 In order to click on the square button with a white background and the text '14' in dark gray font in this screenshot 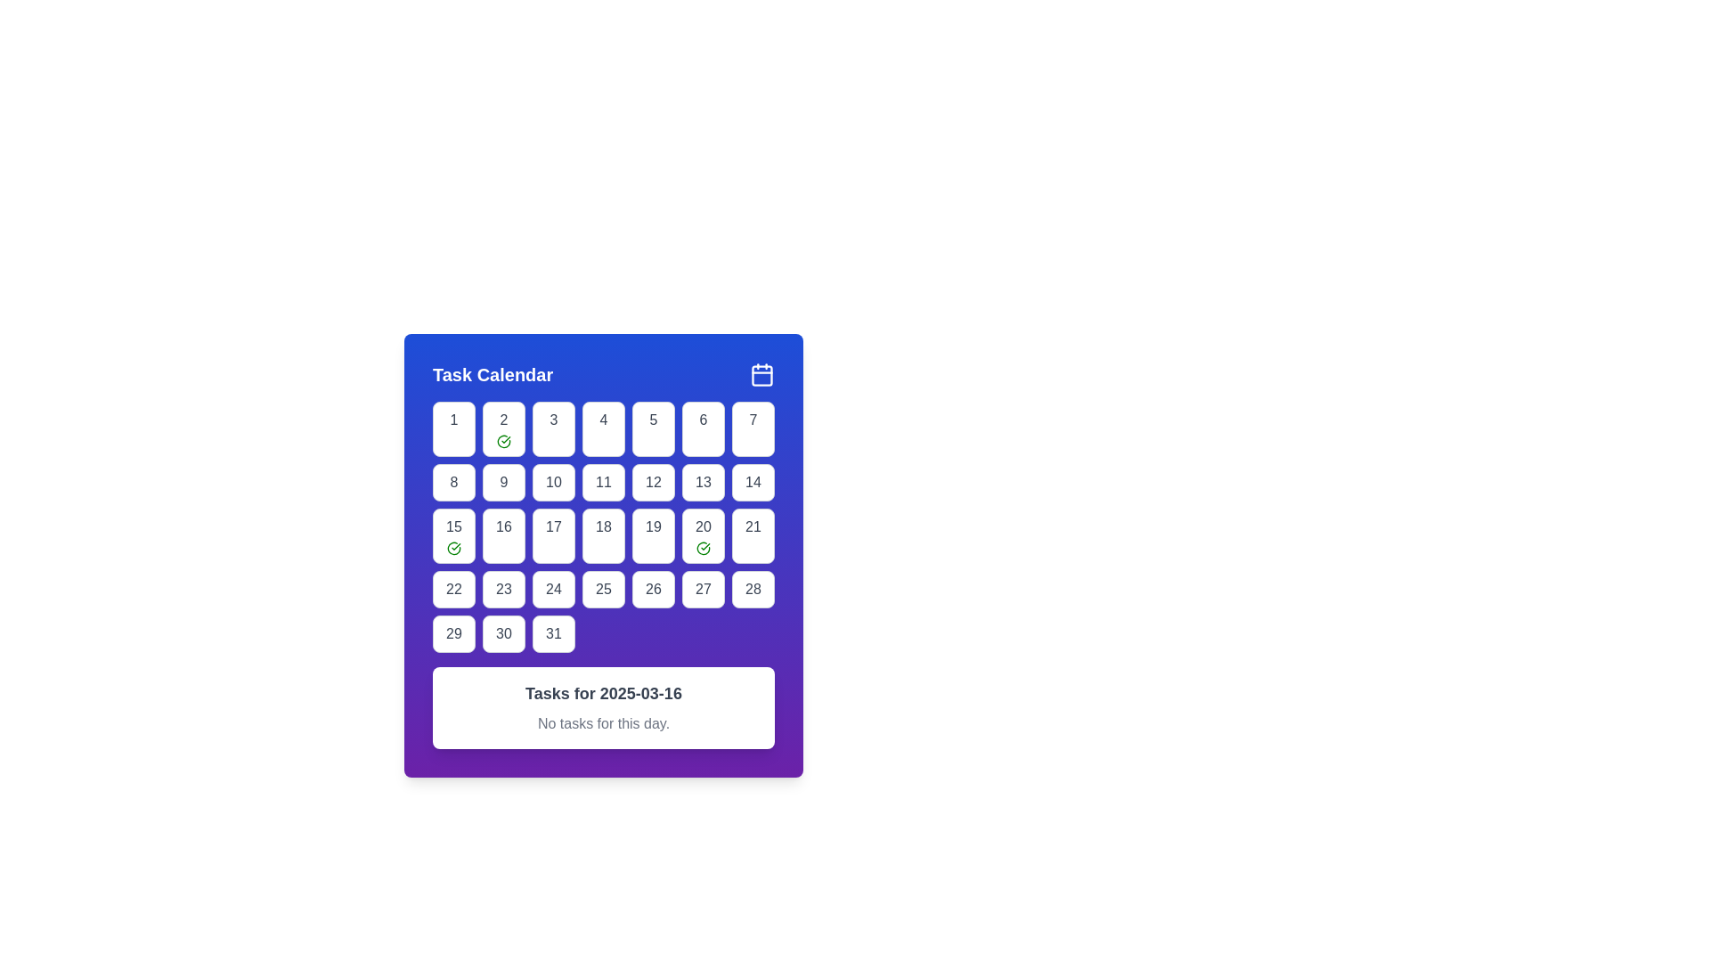, I will do `click(753, 483)`.